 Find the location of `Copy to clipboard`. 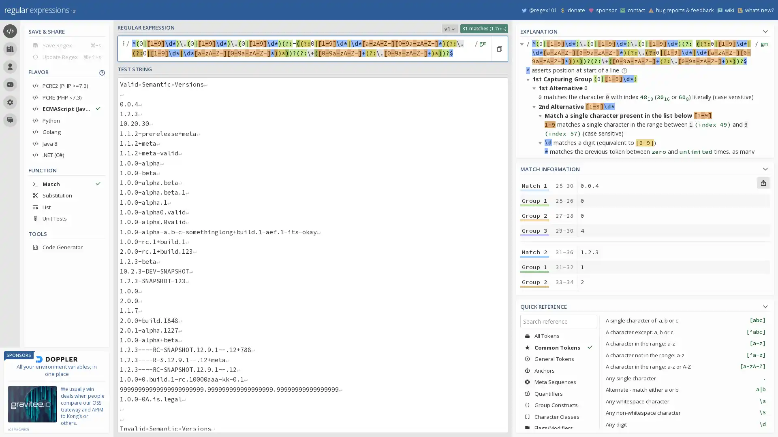

Copy to clipboard is located at coordinates (499, 49).